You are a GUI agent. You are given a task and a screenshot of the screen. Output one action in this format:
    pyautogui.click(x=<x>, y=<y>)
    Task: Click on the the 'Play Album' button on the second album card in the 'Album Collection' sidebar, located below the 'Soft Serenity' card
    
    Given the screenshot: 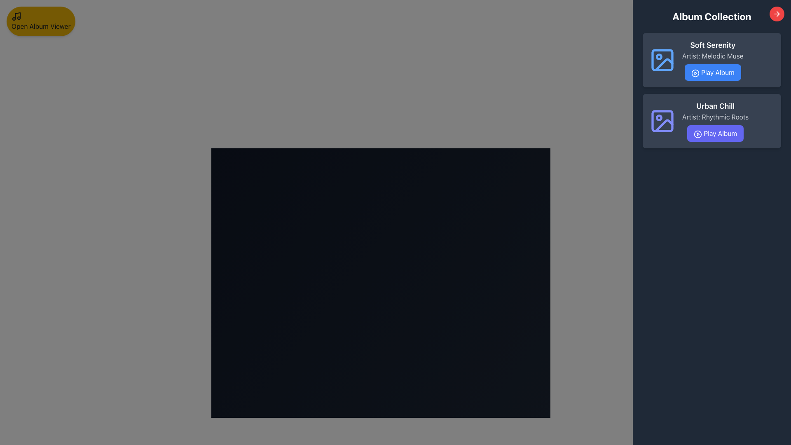 What is the action you would take?
    pyautogui.click(x=711, y=121)
    